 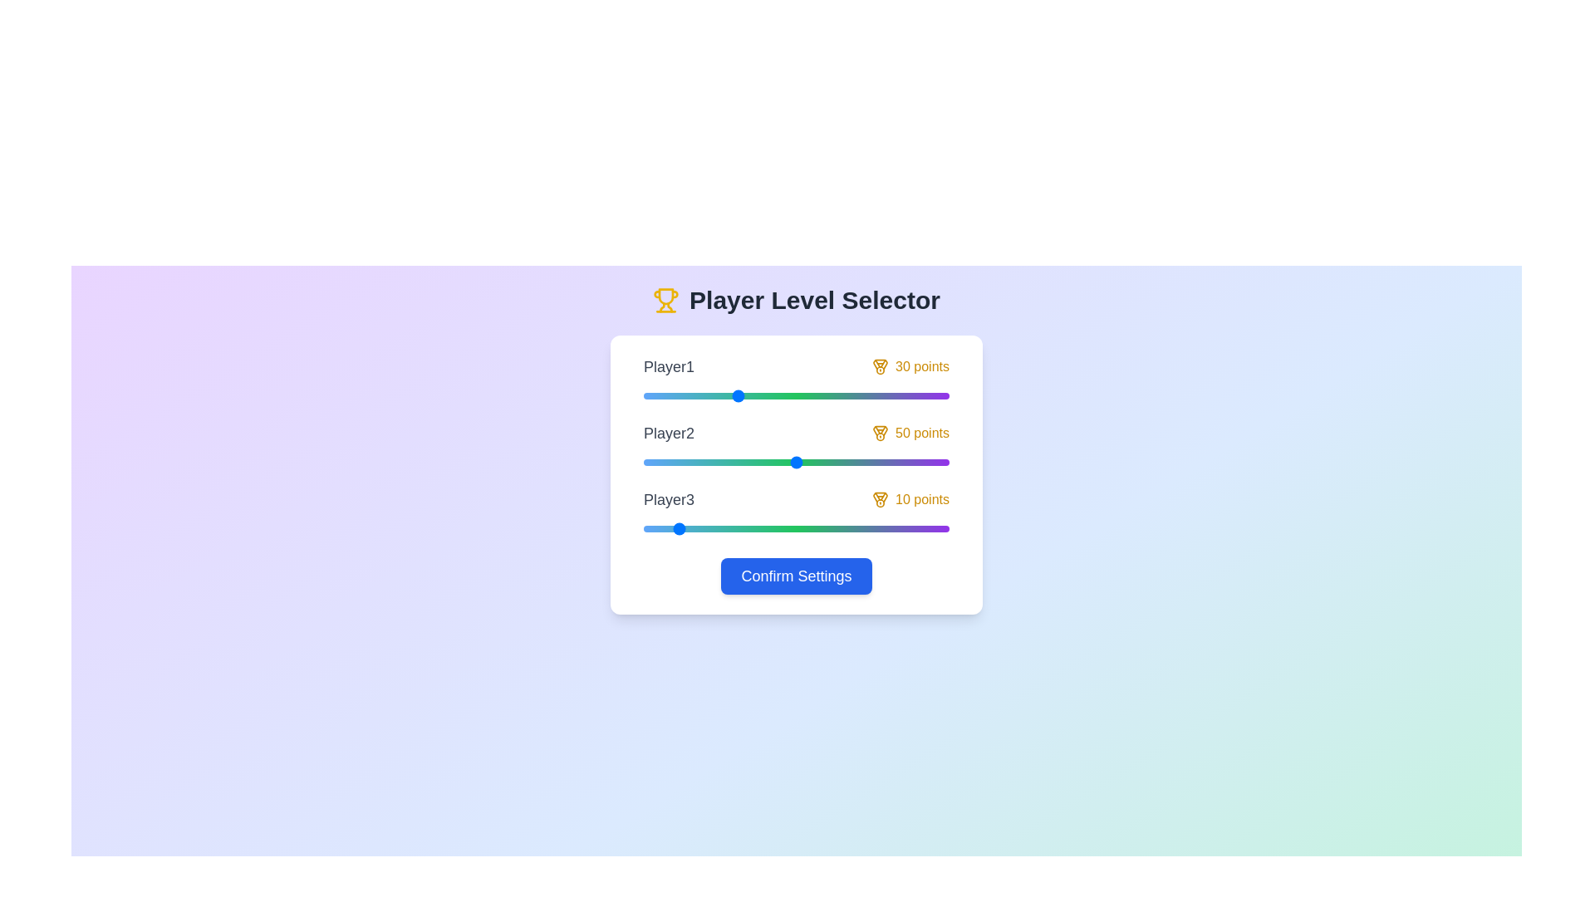 I want to click on the slider for Player3 to set their level to 14, so click(x=686, y=528).